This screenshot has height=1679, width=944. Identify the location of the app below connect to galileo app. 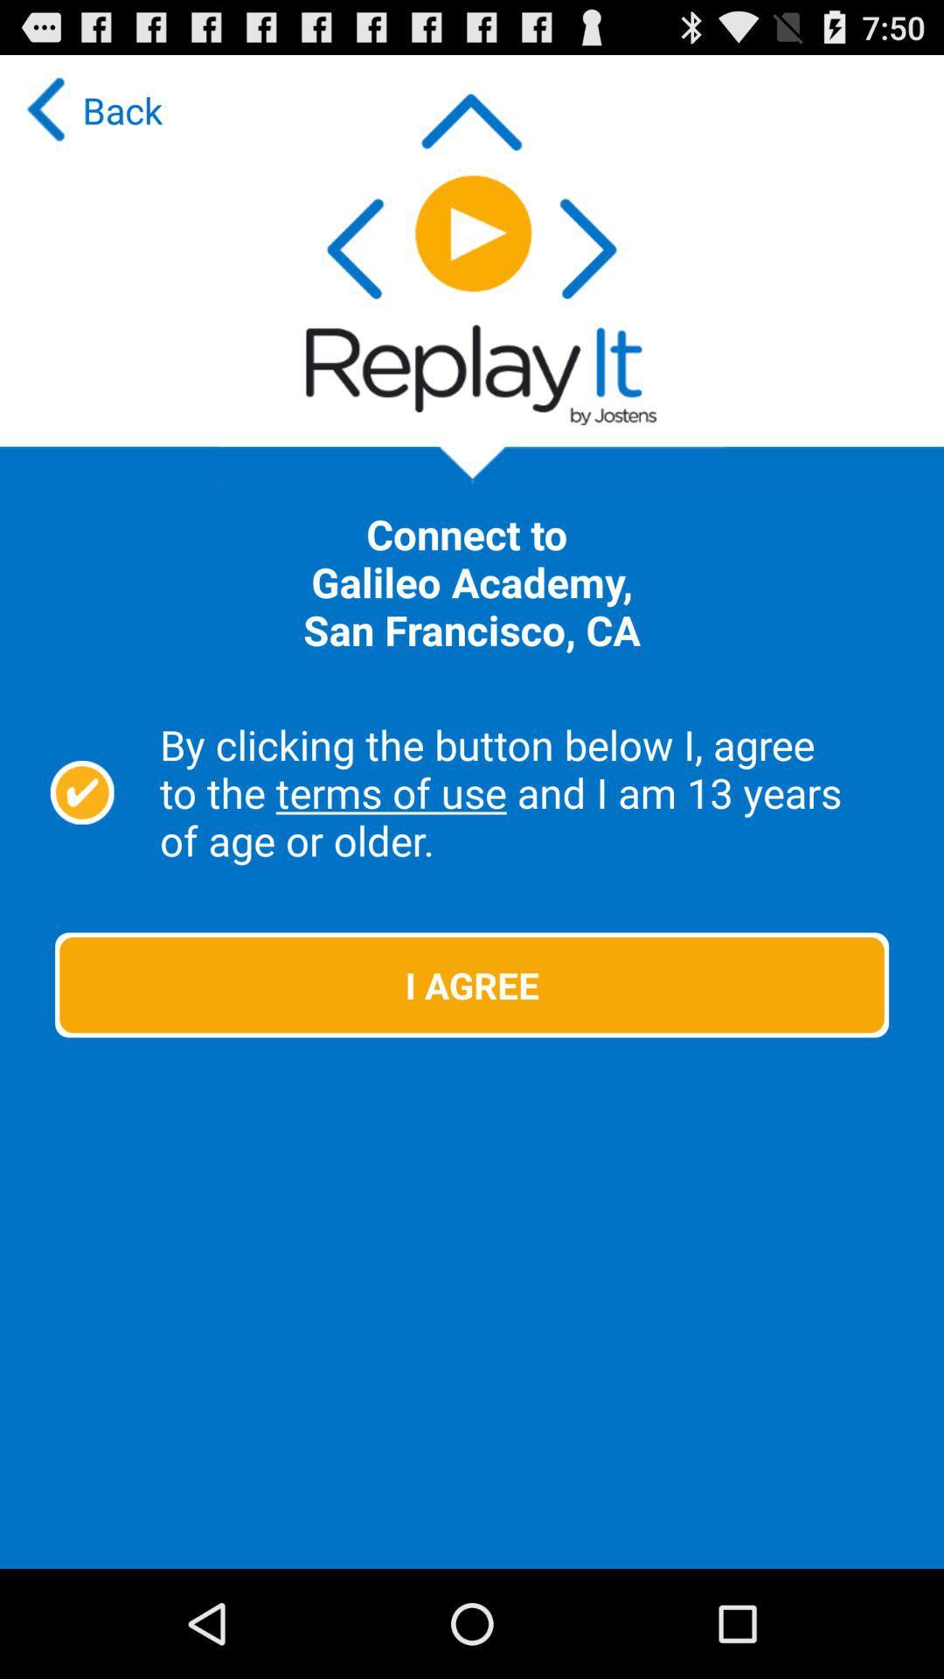
(530, 791).